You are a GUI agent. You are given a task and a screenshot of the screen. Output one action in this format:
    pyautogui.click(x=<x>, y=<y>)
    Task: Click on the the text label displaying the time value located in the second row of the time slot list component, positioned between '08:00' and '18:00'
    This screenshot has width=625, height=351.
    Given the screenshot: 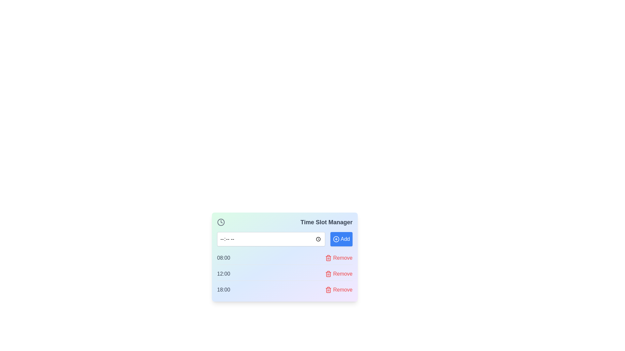 What is the action you would take?
    pyautogui.click(x=223, y=274)
    